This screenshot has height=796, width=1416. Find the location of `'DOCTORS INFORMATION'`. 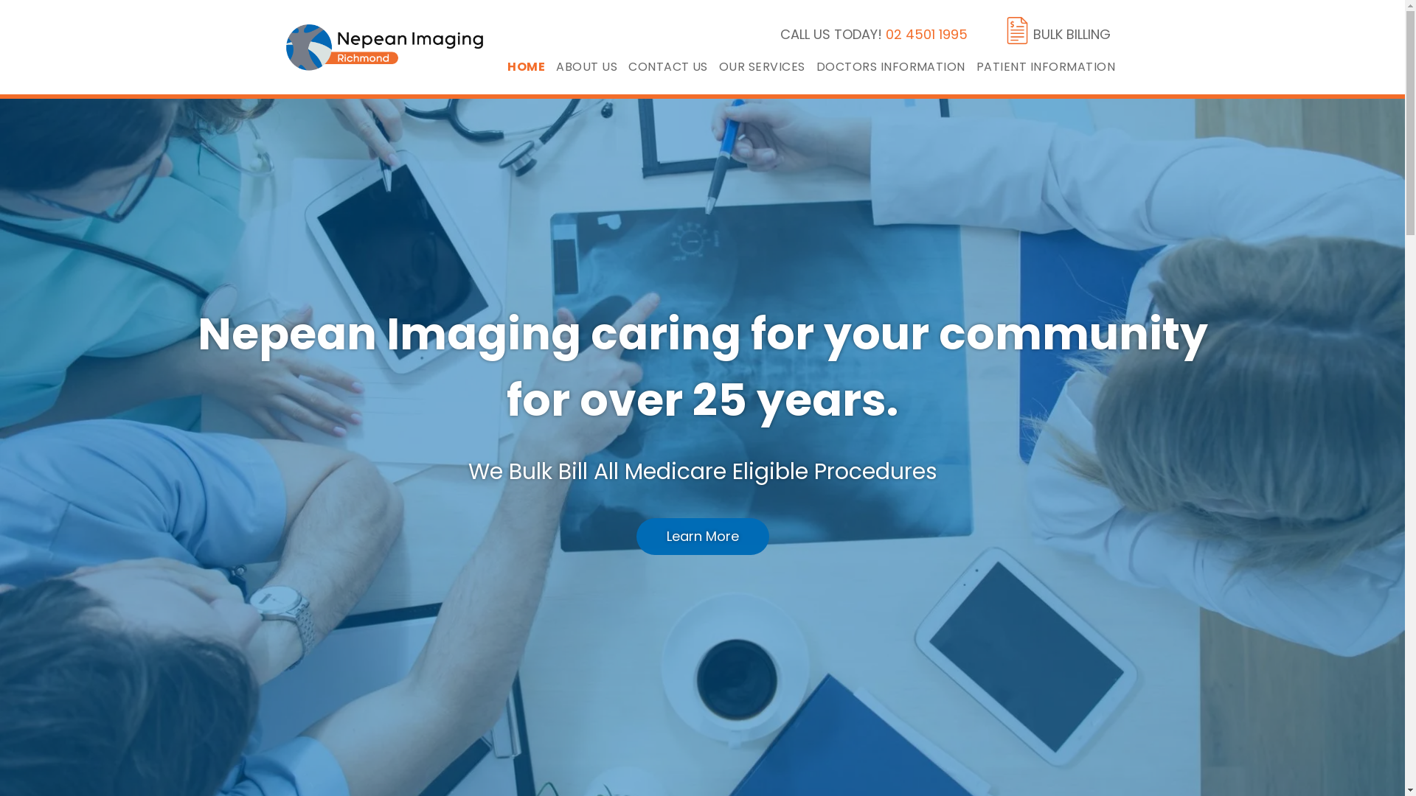

'DOCTORS INFORMATION' is located at coordinates (895, 66).